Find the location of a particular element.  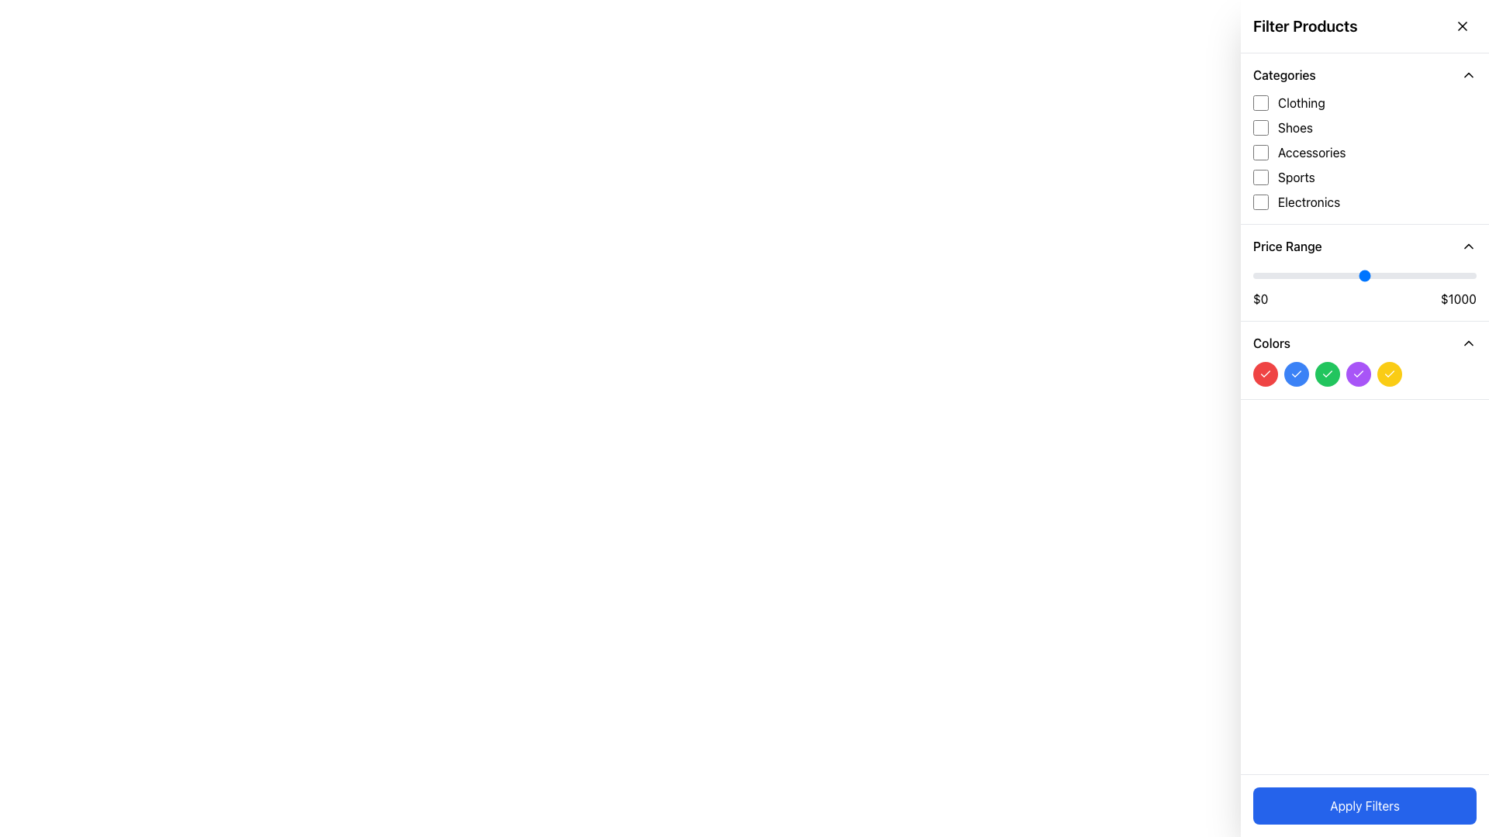

the upward-pointing chevron icon button located to the right of the 'Colors' label in the filter panel is located at coordinates (1468, 343).